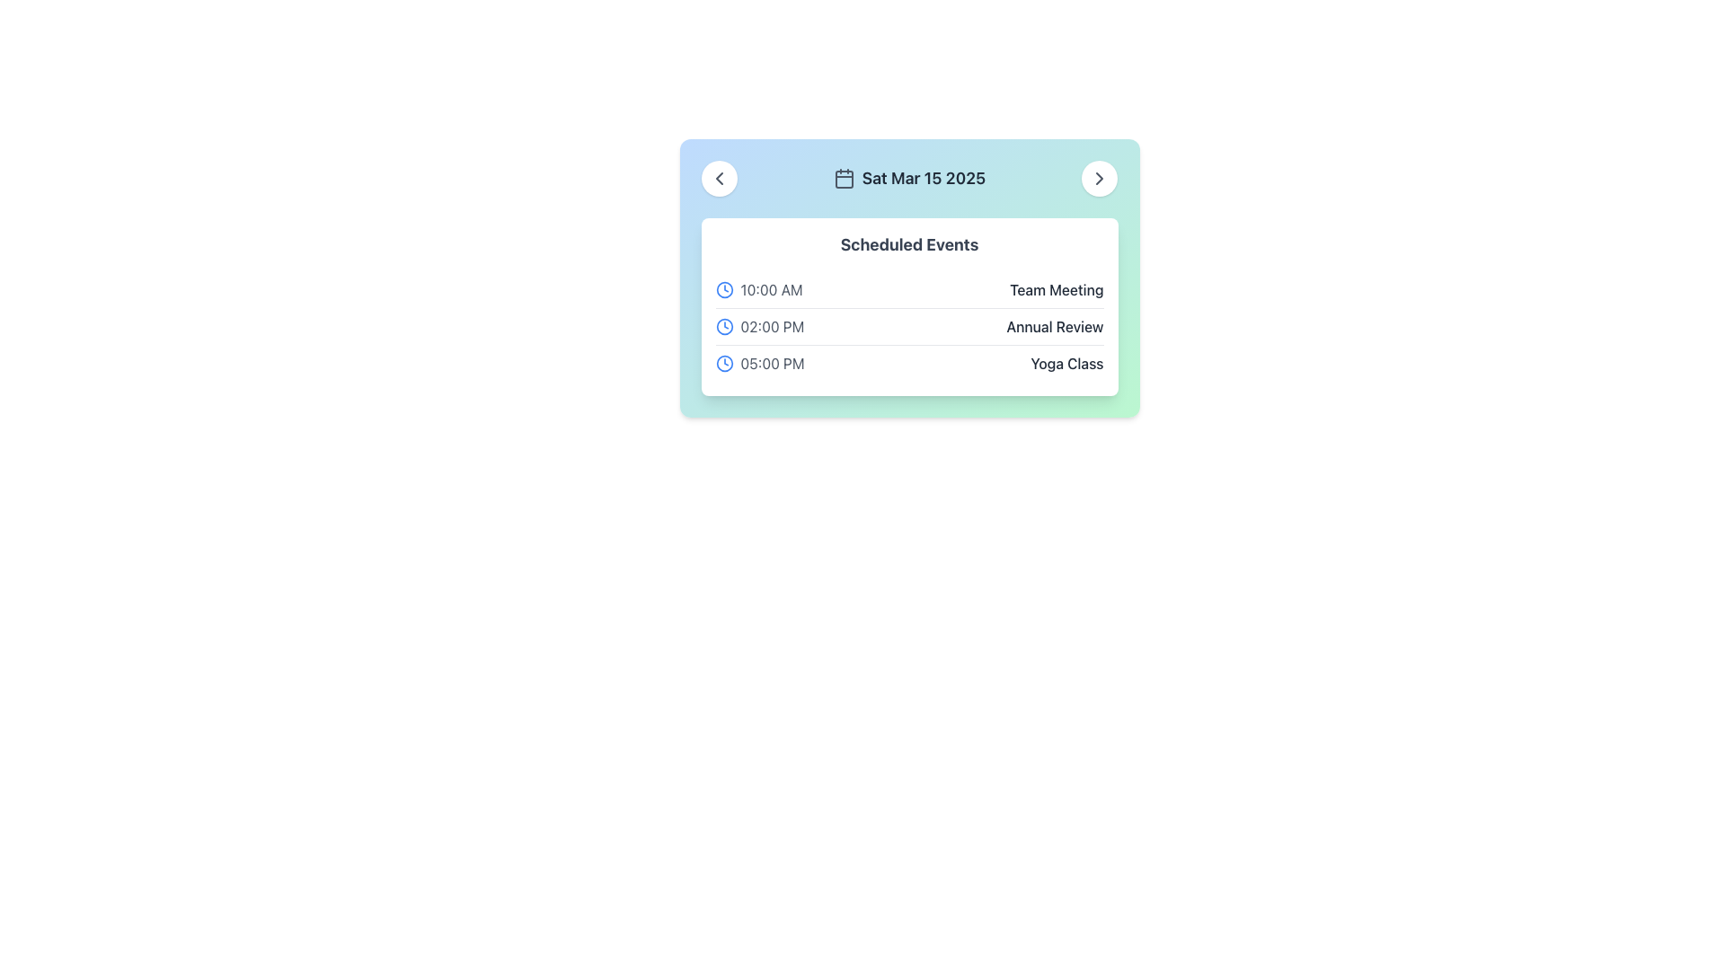 This screenshot has width=1725, height=970. I want to click on the text label indicating the title of a scheduled event in the 'Scheduled Events' section of the card layout, positioned after 'Annual Review' and aligned with '05:00 PM', so click(1066, 364).